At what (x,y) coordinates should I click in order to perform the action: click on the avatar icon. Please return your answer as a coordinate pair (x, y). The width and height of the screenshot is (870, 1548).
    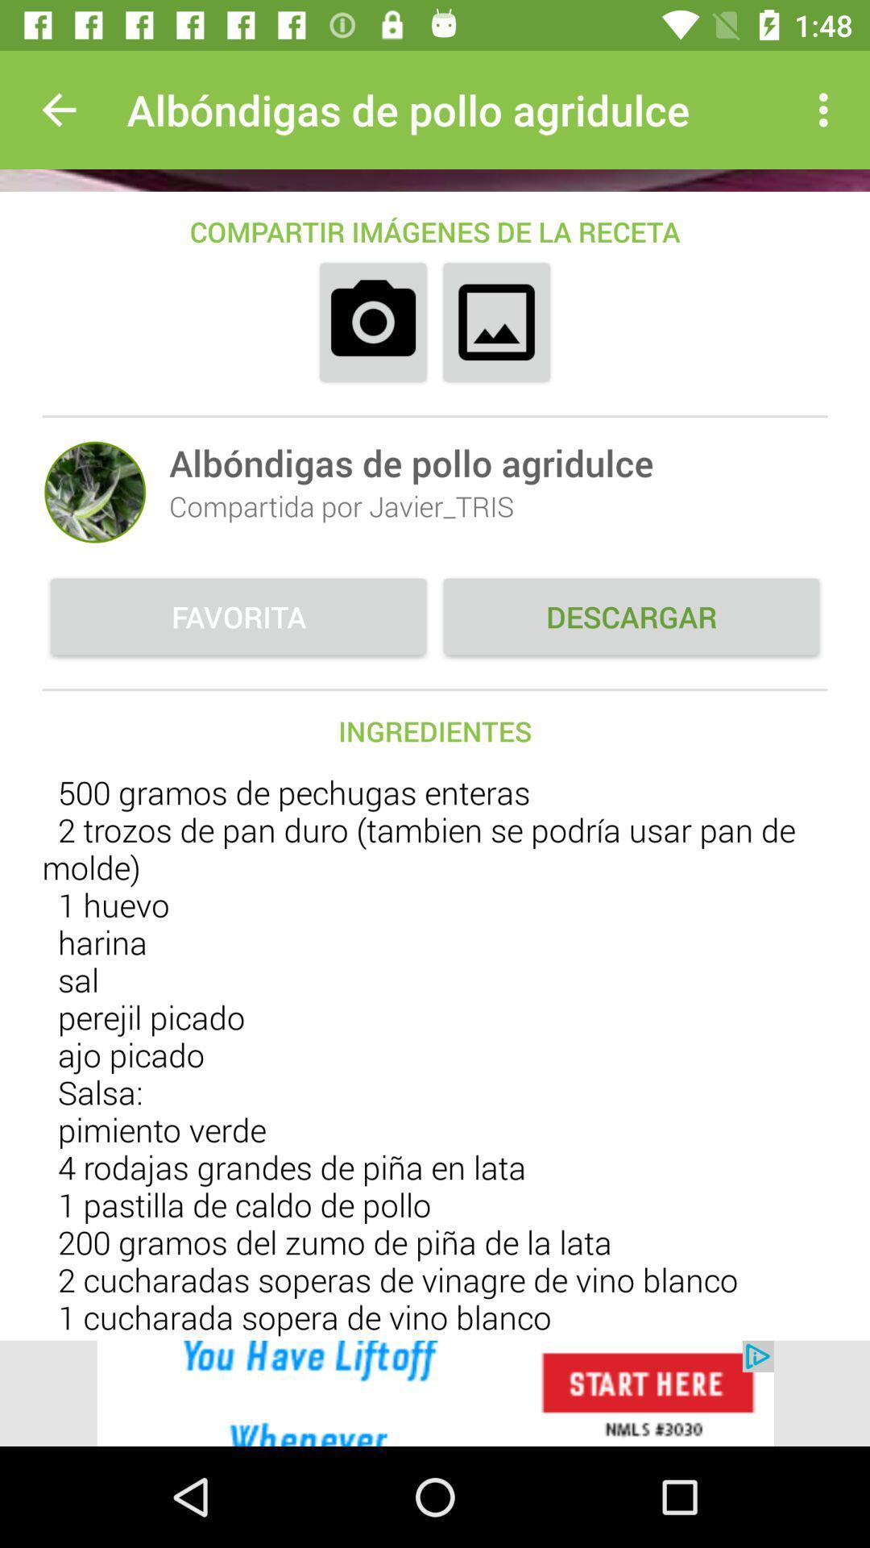
    Looking at the image, I should click on (95, 491).